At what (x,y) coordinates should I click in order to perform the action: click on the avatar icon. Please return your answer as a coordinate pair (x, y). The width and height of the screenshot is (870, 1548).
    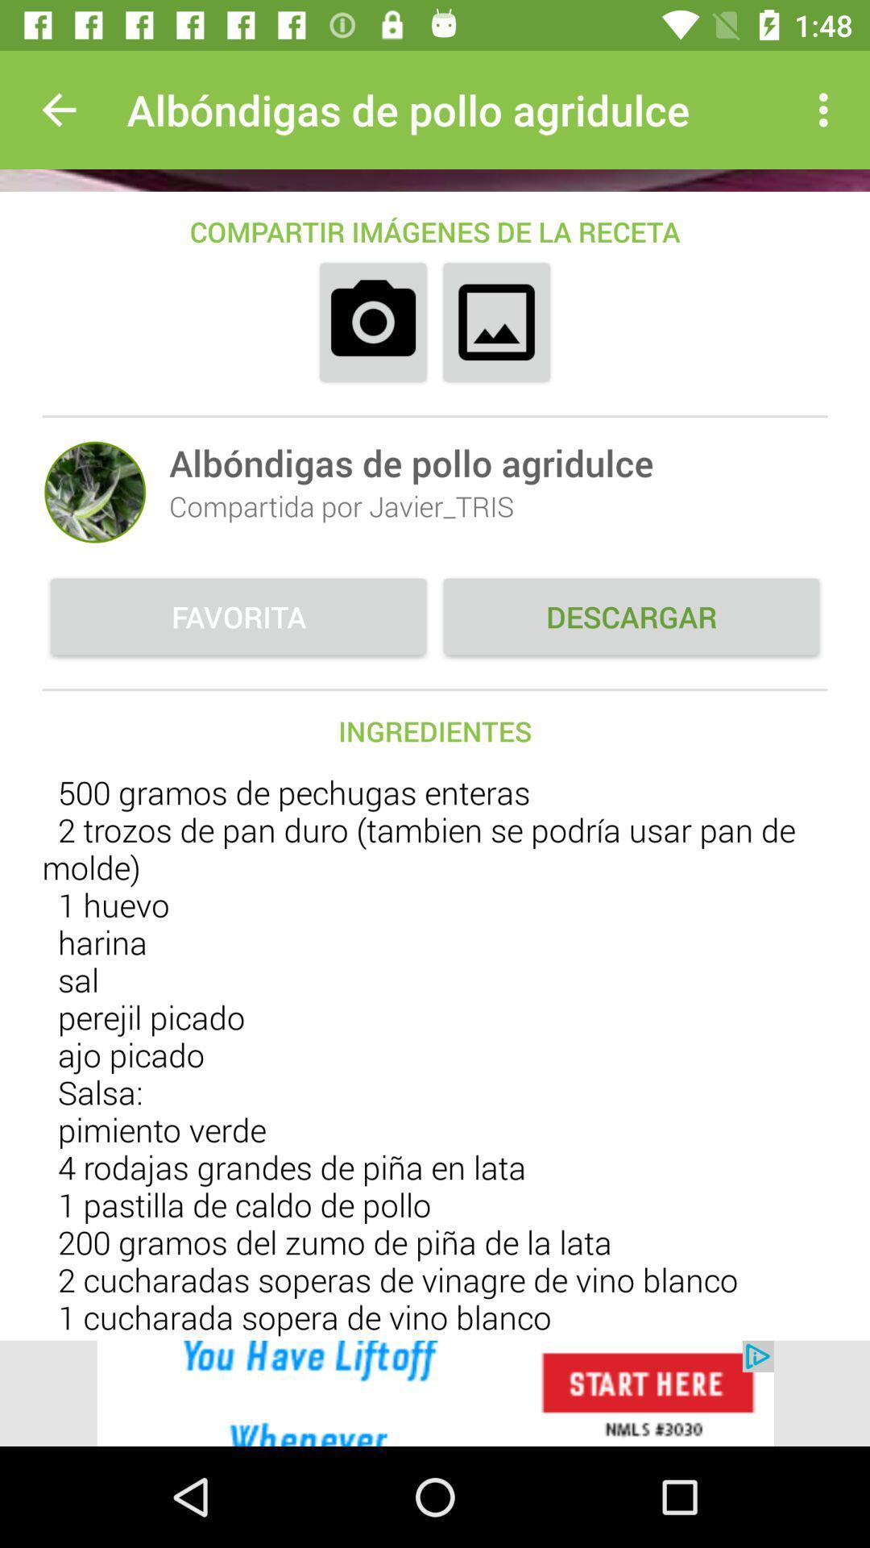
    Looking at the image, I should click on (95, 491).